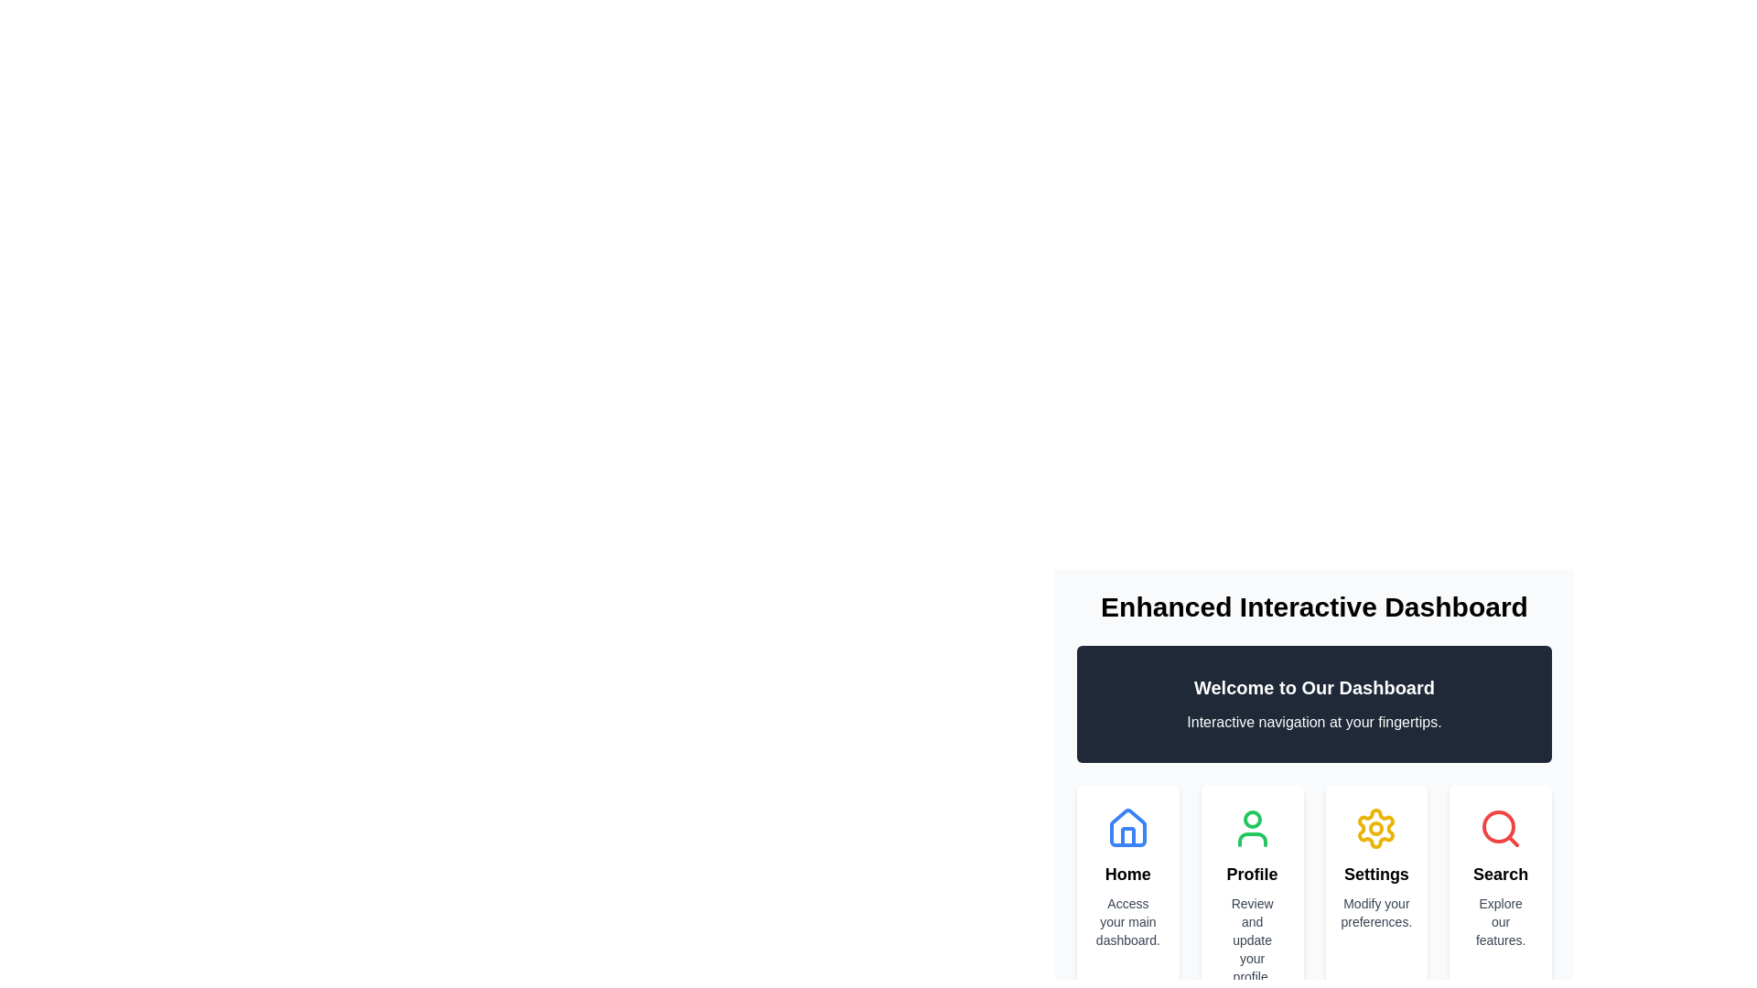 The image size is (1757, 988). What do you see at coordinates (1126, 829) in the screenshot?
I see `the blue house-shaped icon representing the Home section, located in the first card labeled 'Home' above the text 'Access your main dashboard.'` at bounding box center [1126, 829].